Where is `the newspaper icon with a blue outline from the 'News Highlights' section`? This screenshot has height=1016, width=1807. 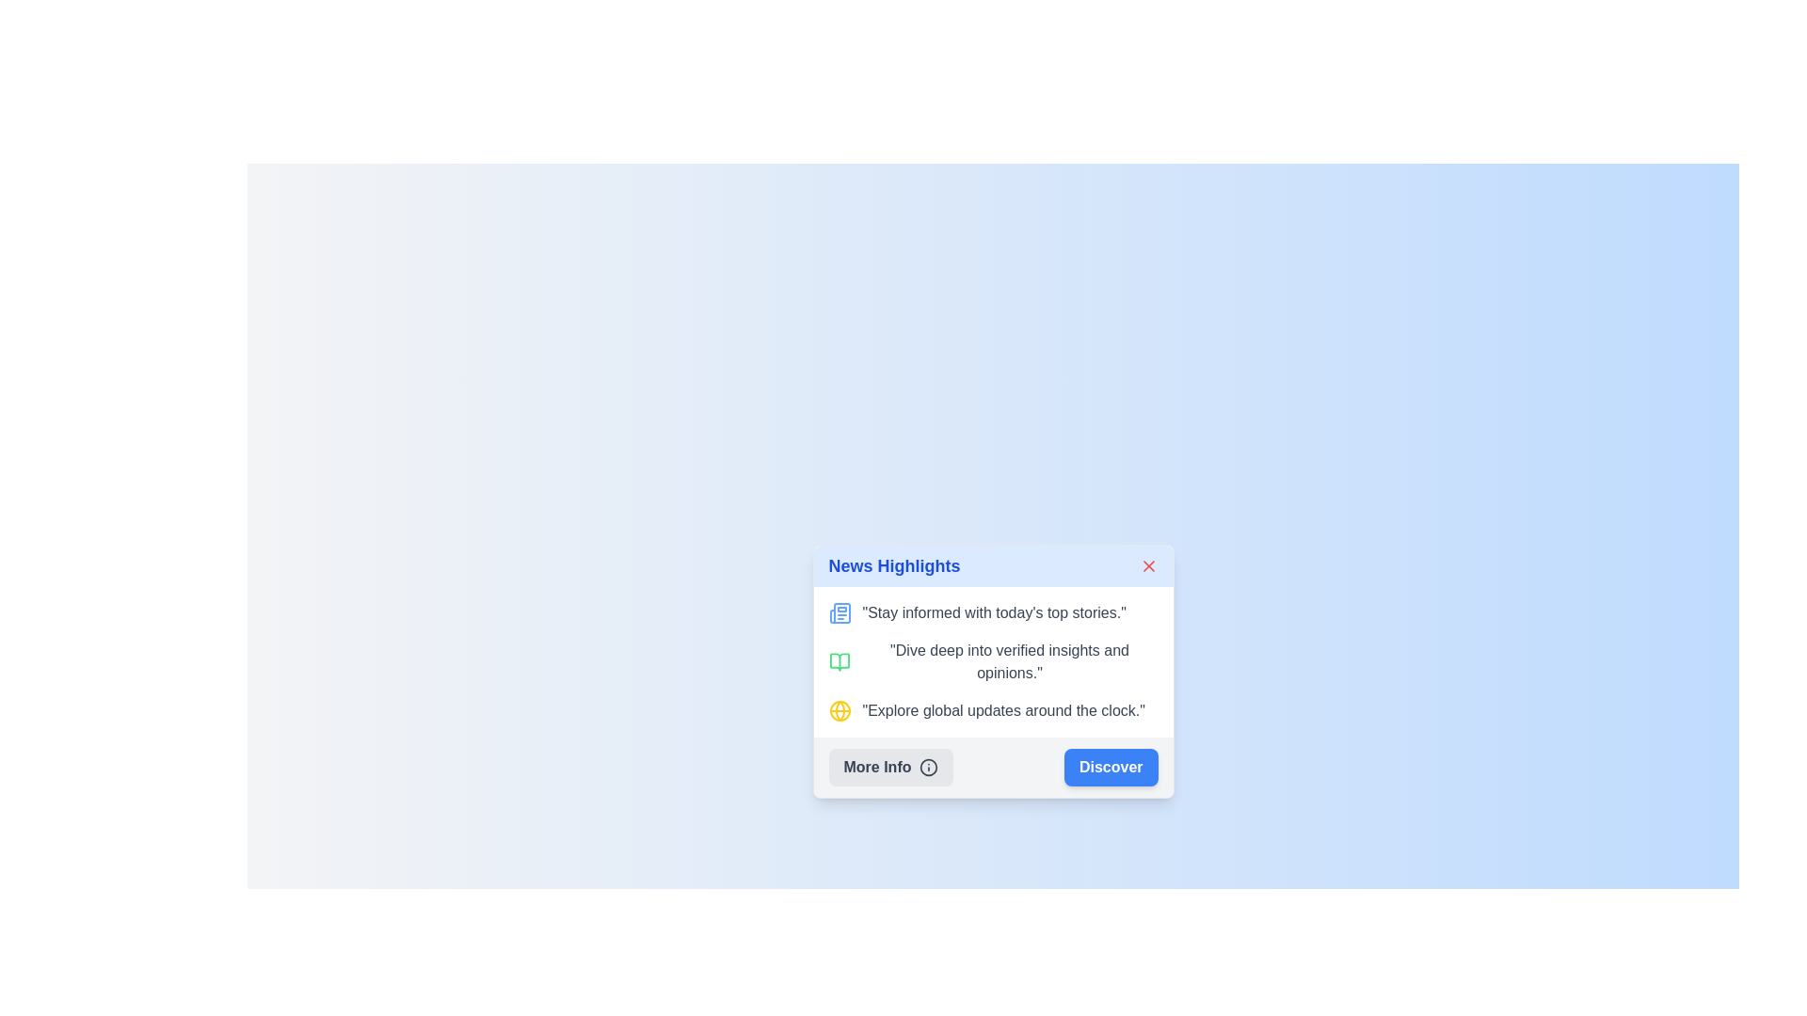 the newspaper icon with a blue outline from the 'News Highlights' section is located at coordinates (839, 612).